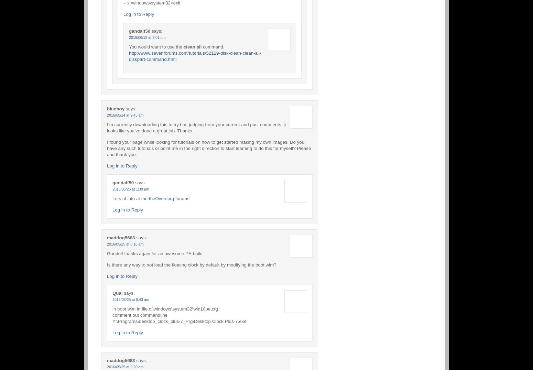 Image resolution: width=533 pixels, height=370 pixels. Describe the element at coordinates (107, 253) in the screenshot. I see `'Gandolf thanks again for an awesome PE build.'` at that location.